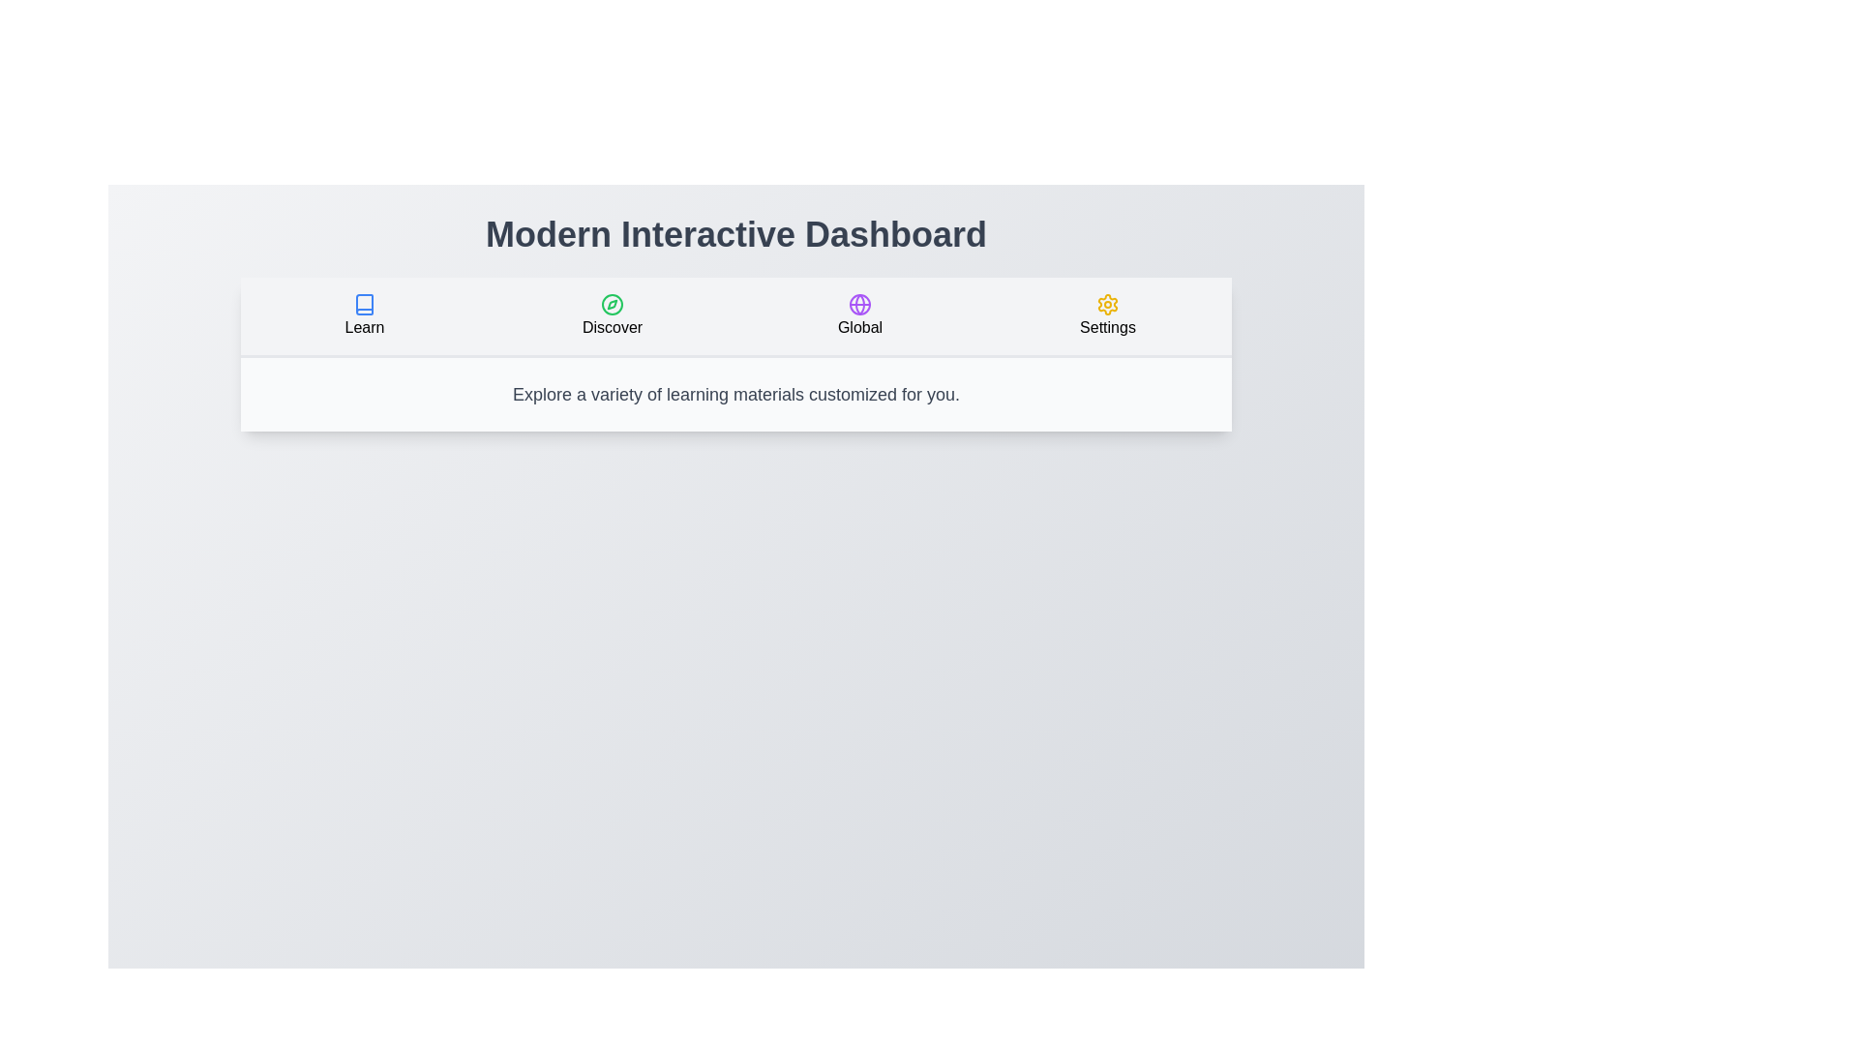  Describe the element at coordinates (1108, 305) in the screenshot. I see `the yellow gear-like icon in the 'Settings' section of the horizontal menu bar` at that location.